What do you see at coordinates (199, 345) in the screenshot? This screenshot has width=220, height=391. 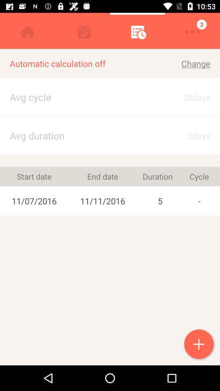 I see `this button adding option` at bounding box center [199, 345].